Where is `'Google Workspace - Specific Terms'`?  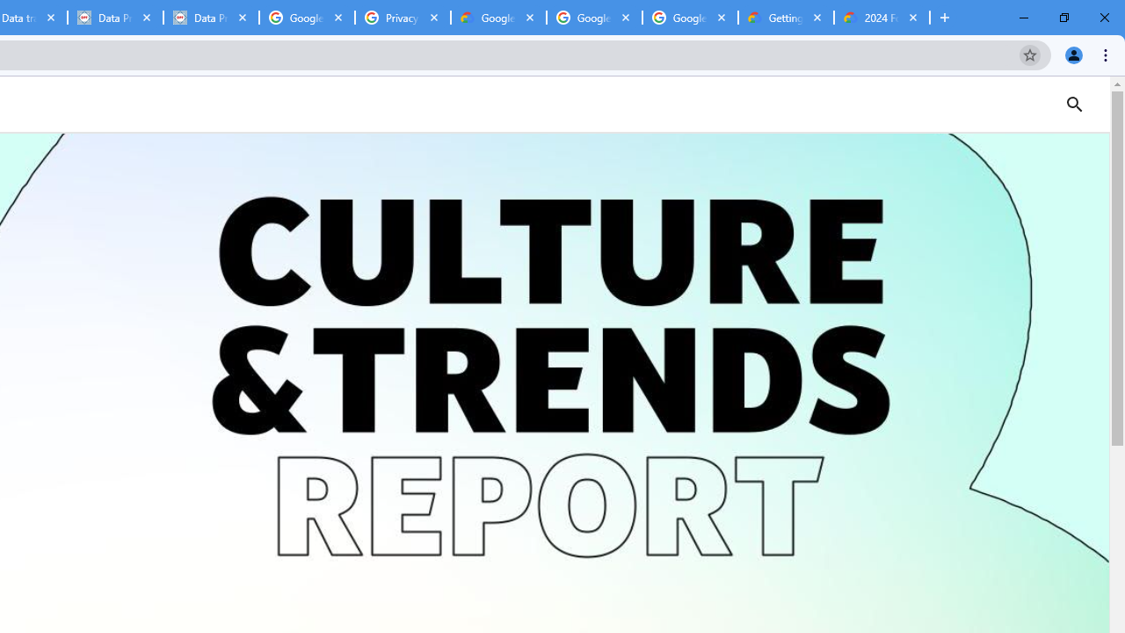 'Google Workspace - Specific Terms' is located at coordinates (594, 18).